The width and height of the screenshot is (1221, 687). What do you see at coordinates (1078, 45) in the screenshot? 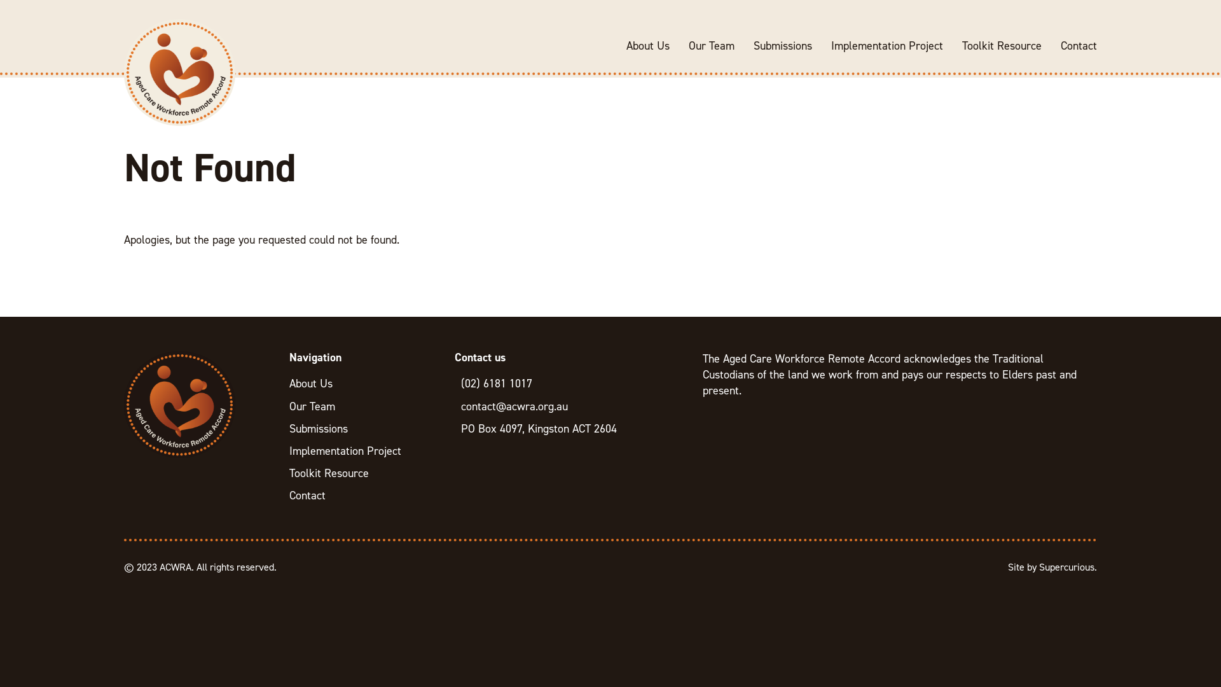
I see `'Contact'` at bounding box center [1078, 45].